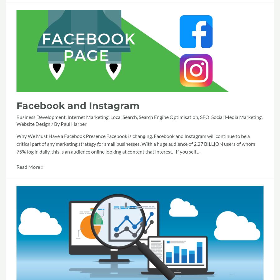 The height and width of the screenshot is (280, 280). I want to click on 'Why We Must Have a Facebook Presence Facebook is changing. Facebook and Instagram will continue to be a critical part of any marketing strategy for small businesses. With a huge audience of 2.27 BILLION users of whom 75% log in daily, this is an audience online looking at content that interest.   If you sell …', so click(136, 144).